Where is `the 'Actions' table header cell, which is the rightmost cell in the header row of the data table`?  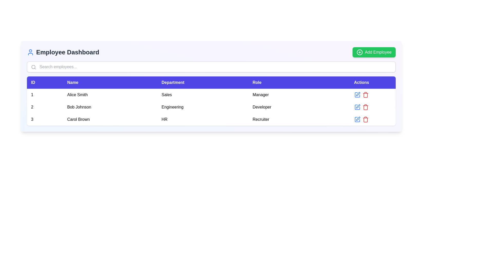 the 'Actions' table header cell, which is the rightmost cell in the header row of the data table is located at coordinates (361, 82).